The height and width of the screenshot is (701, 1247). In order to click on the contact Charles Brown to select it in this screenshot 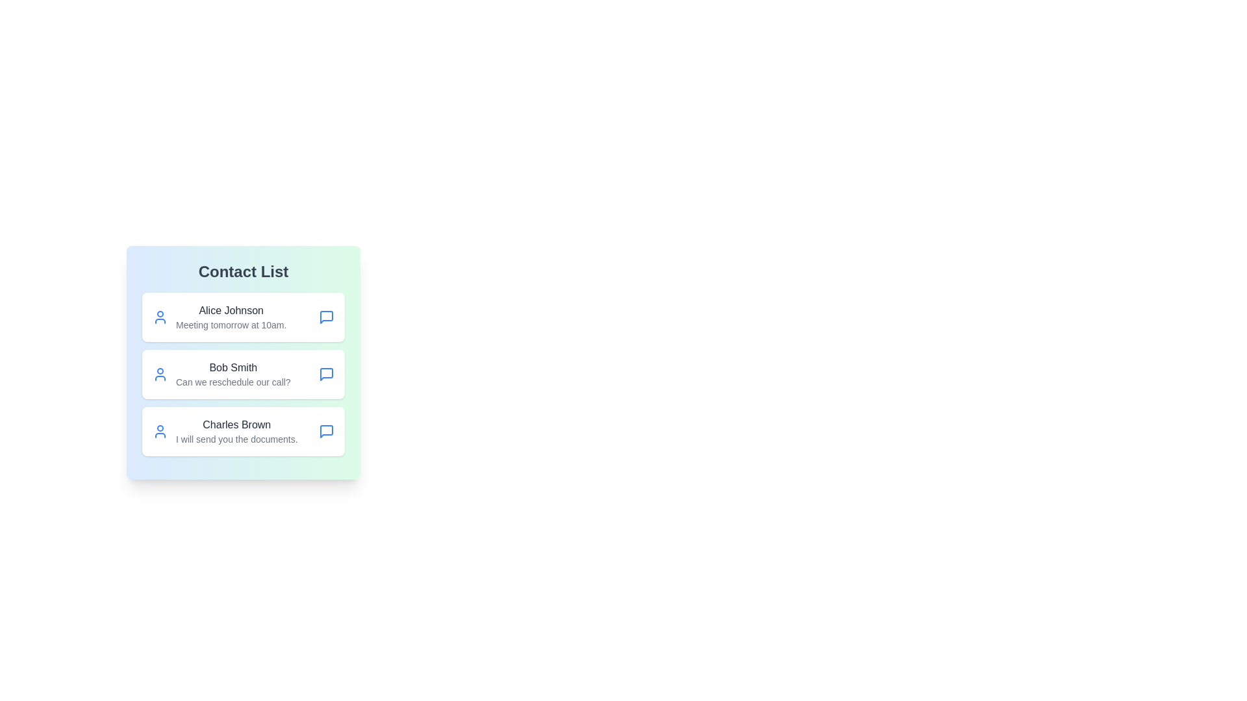, I will do `click(243, 431)`.